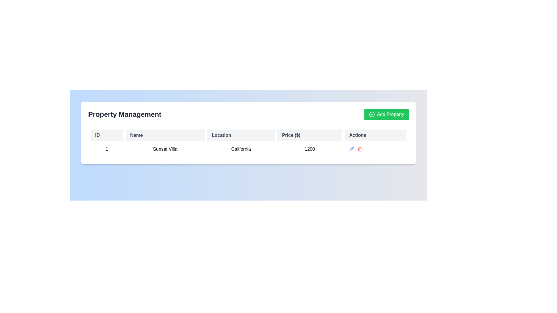 Image resolution: width=557 pixels, height=313 pixels. Describe the element at coordinates (386, 114) in the screenshot. I see `the 'Add Property' button with rounded corners and a green background to outline it` at that location.